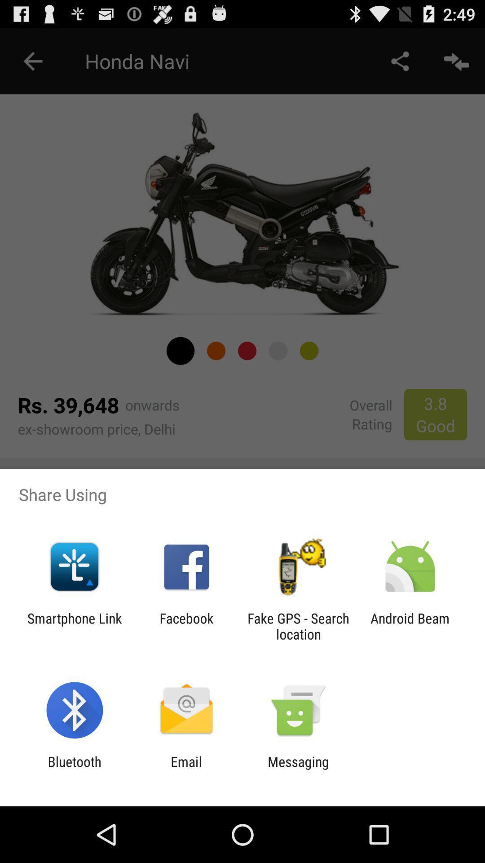  I want to click on messaging, so click(298, 769).